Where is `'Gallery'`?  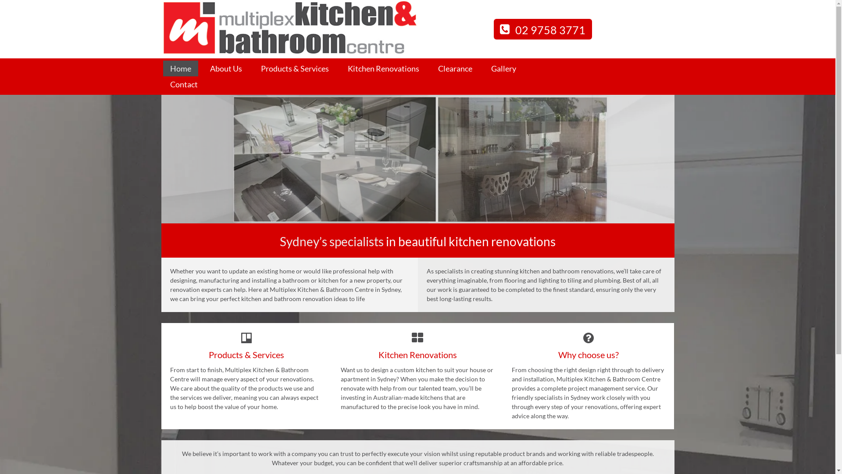 'Gallery' is located at coordinates (484, 68).